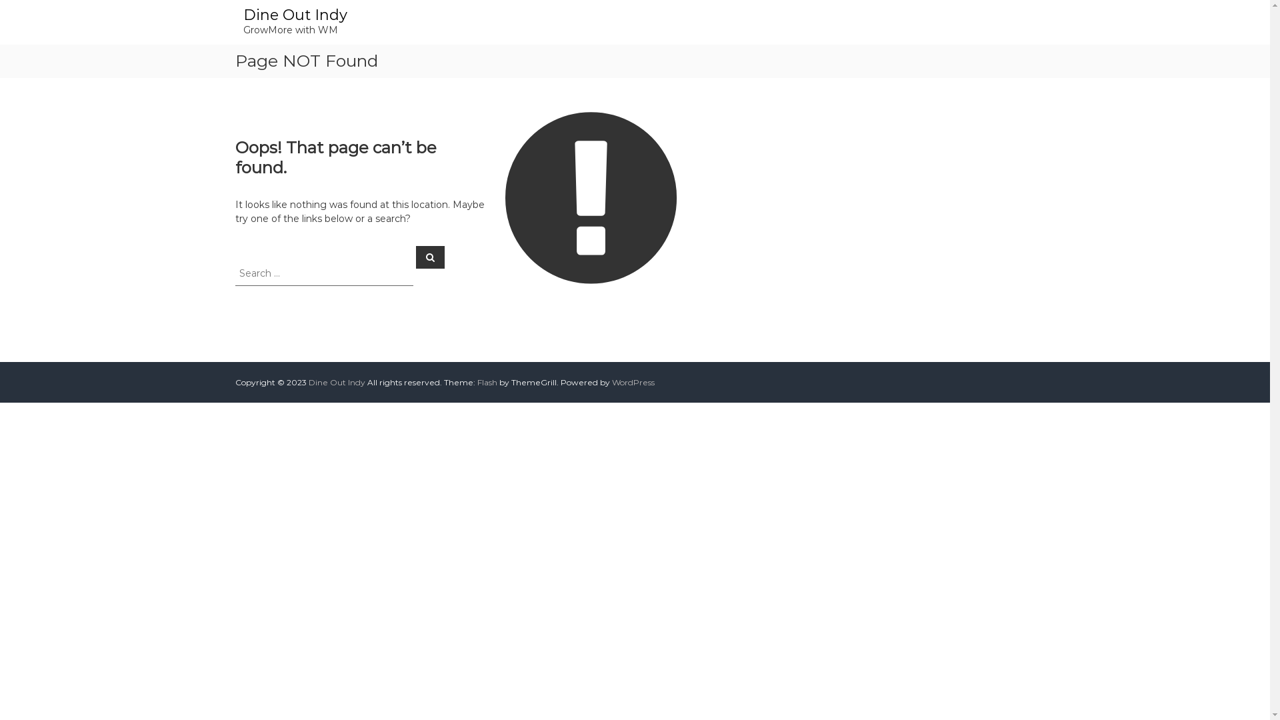 The width and height of the screenshot is (1280, 720). What do you see at coordinates (633, 382) in the screenshot?
I see `'WordPress'` at bounding box center [633, 382].